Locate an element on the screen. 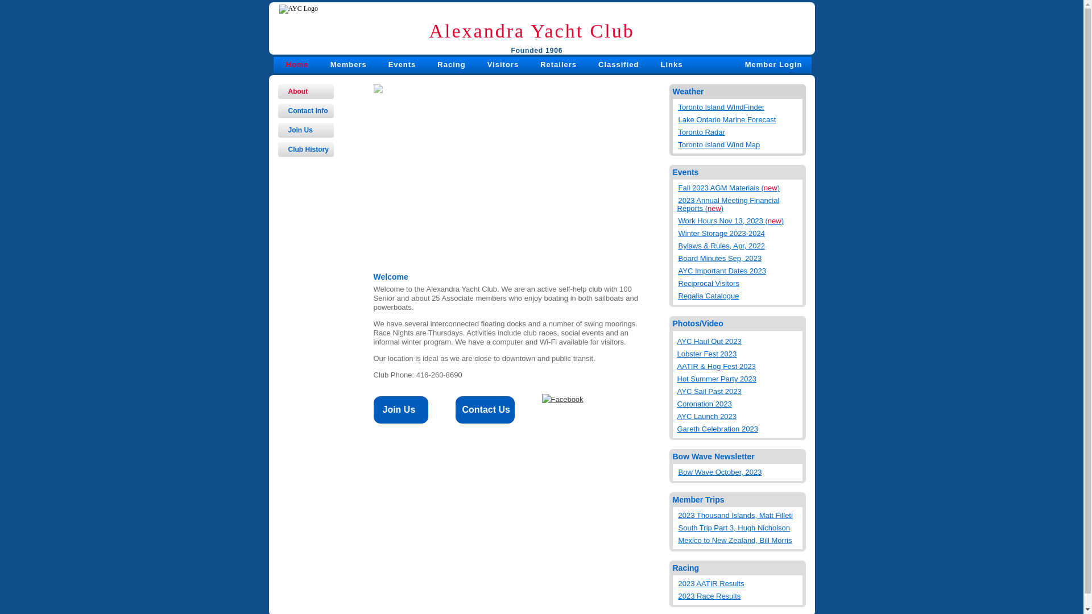 The width and height of the screenshot is (1092, 614). 'Toronto Island WindFinder' is located at coordinates (739, 105).